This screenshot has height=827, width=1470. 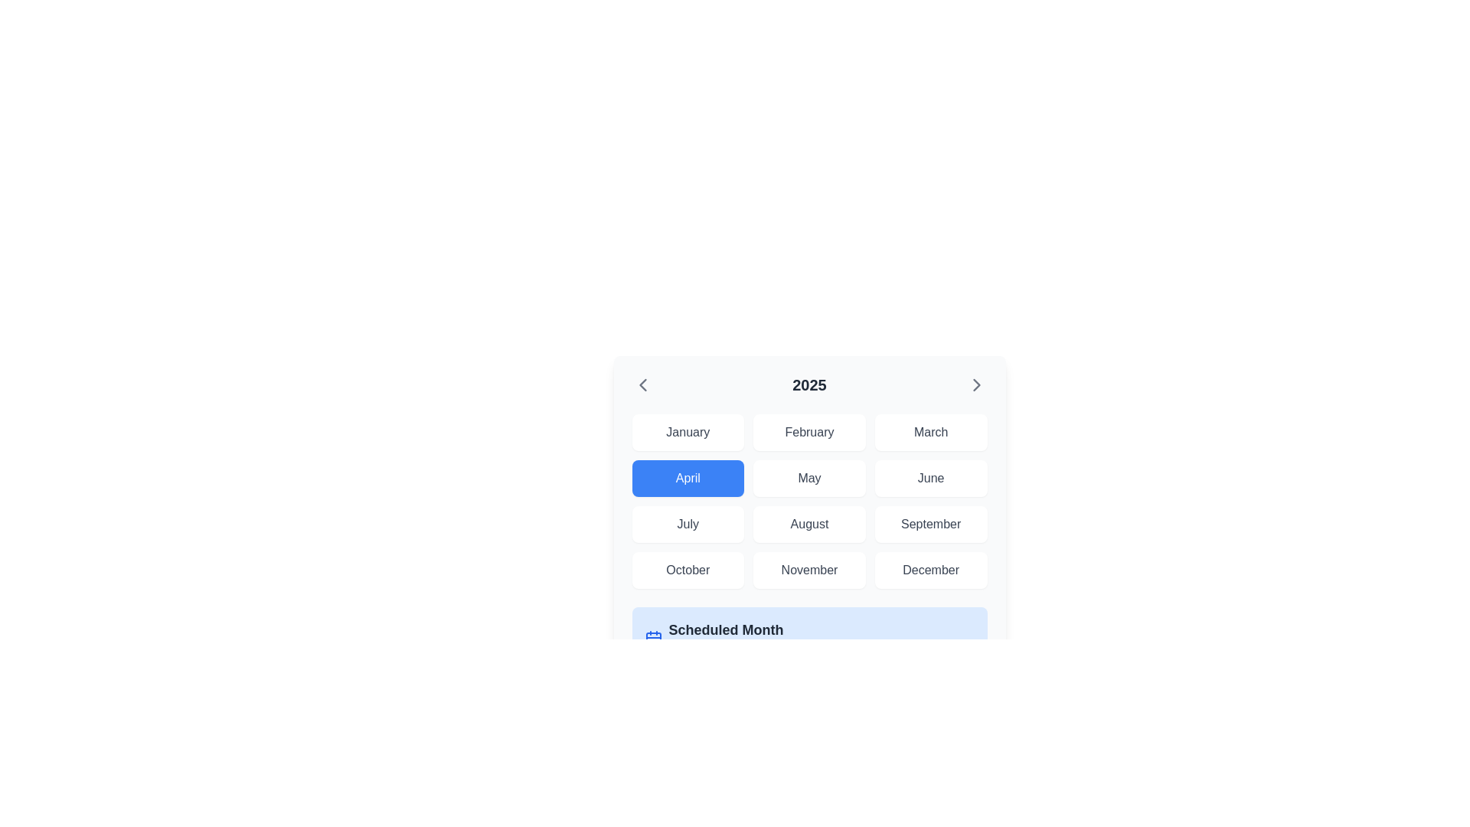 I want to click on the rectangular button labeled 'May', so click(x=808, y=477).